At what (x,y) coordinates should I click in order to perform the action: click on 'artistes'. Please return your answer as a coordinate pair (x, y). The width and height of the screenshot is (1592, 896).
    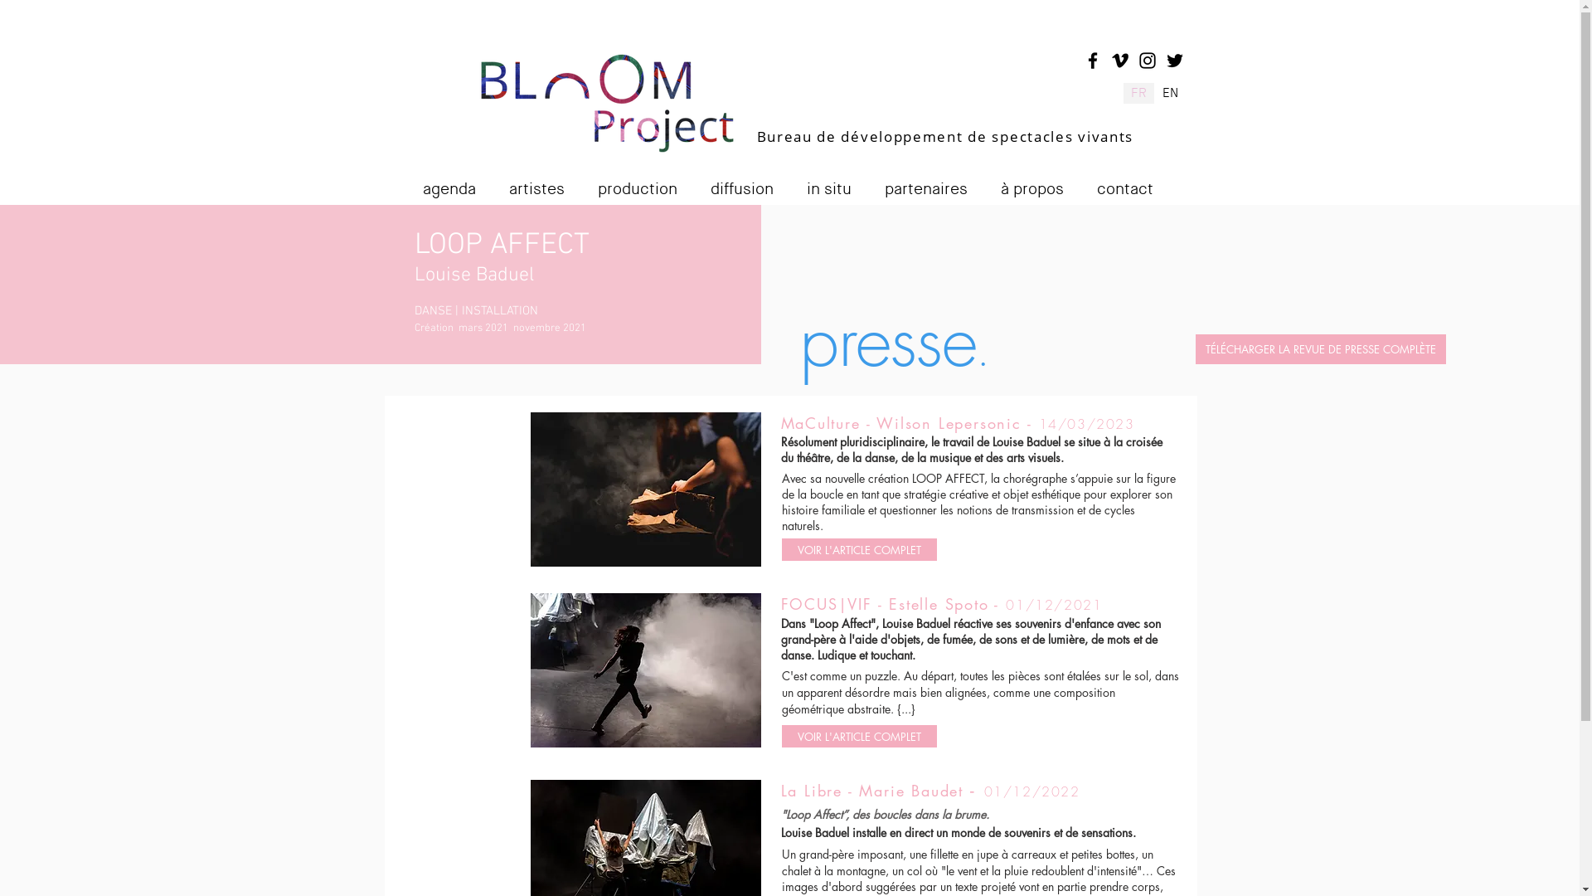
    Looking at the image, I should click on (546, 182).